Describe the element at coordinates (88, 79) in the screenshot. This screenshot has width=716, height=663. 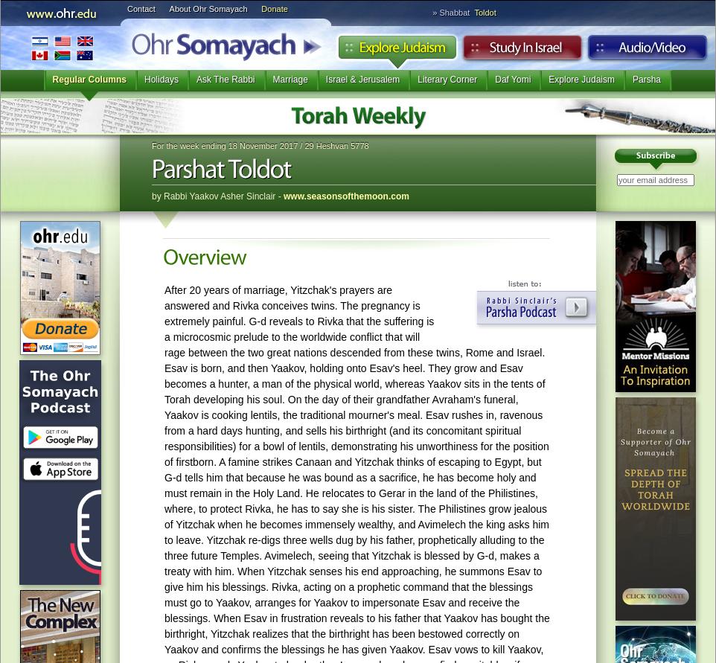
I see `'Regular Columns'` at that location.